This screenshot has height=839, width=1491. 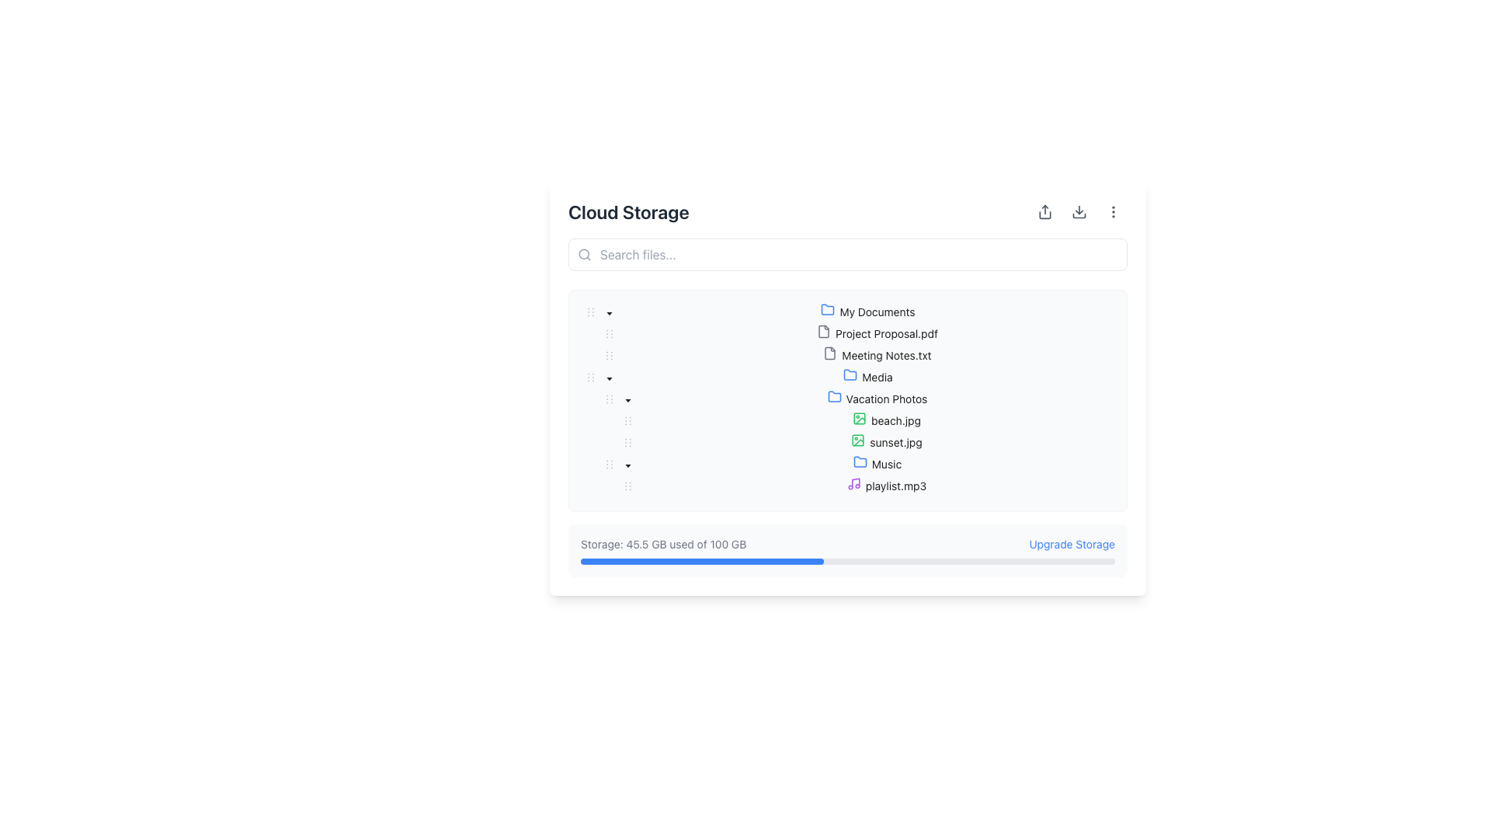 What do you see at coordinates (861, 463) in the screenshot?
I see `the blue-colored folder icon representing the 'Music' directory in the file browser interface, located immediately to the left of the folder title 'Music'` at bounding box center [861, 463].